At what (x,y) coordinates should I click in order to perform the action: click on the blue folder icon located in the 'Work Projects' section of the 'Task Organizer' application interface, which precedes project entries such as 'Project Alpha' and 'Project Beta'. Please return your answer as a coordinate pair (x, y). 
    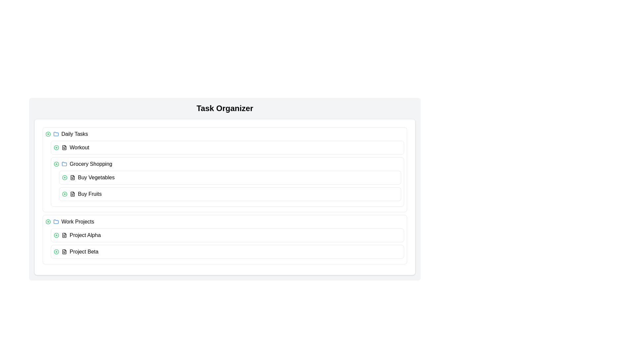
    Looking at the image, I should click on (56, 133).